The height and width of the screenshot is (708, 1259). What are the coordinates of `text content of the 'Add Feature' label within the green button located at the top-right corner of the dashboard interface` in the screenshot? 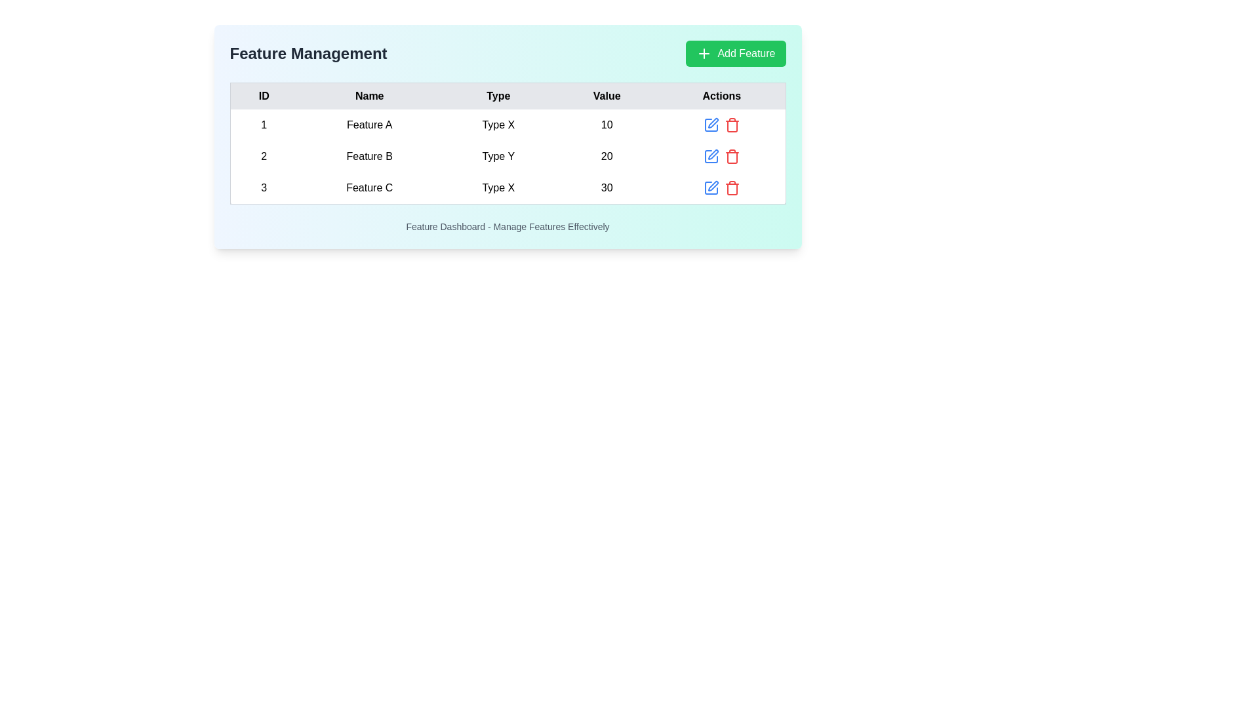 It's located at (746, 52).